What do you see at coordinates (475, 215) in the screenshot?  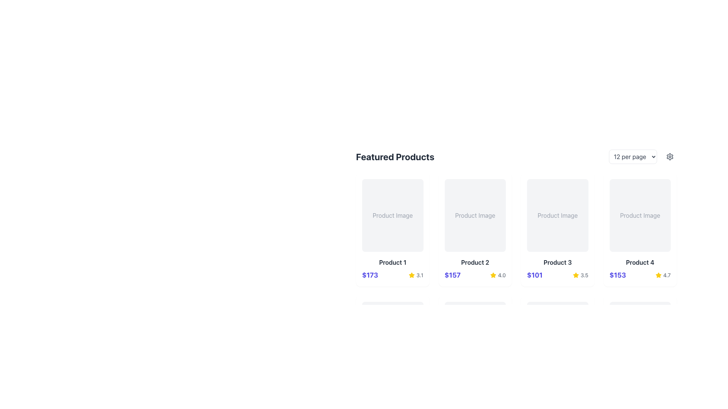 I see `the 'Product Image' placeholder, which is a rectangular section with a light gray background and rounded corners located in the 'Product 2' card` at bounding box center [475, 215].